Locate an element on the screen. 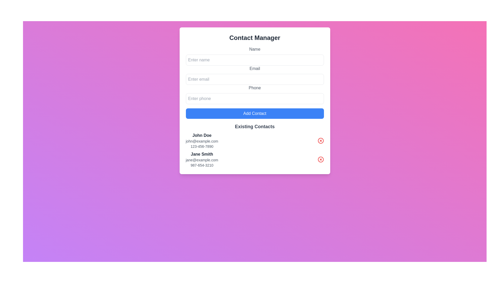  the text input field for entering the user's name, located directly below the 'Name' label, by pressing the Tab key is located at coordinates (255, 60).